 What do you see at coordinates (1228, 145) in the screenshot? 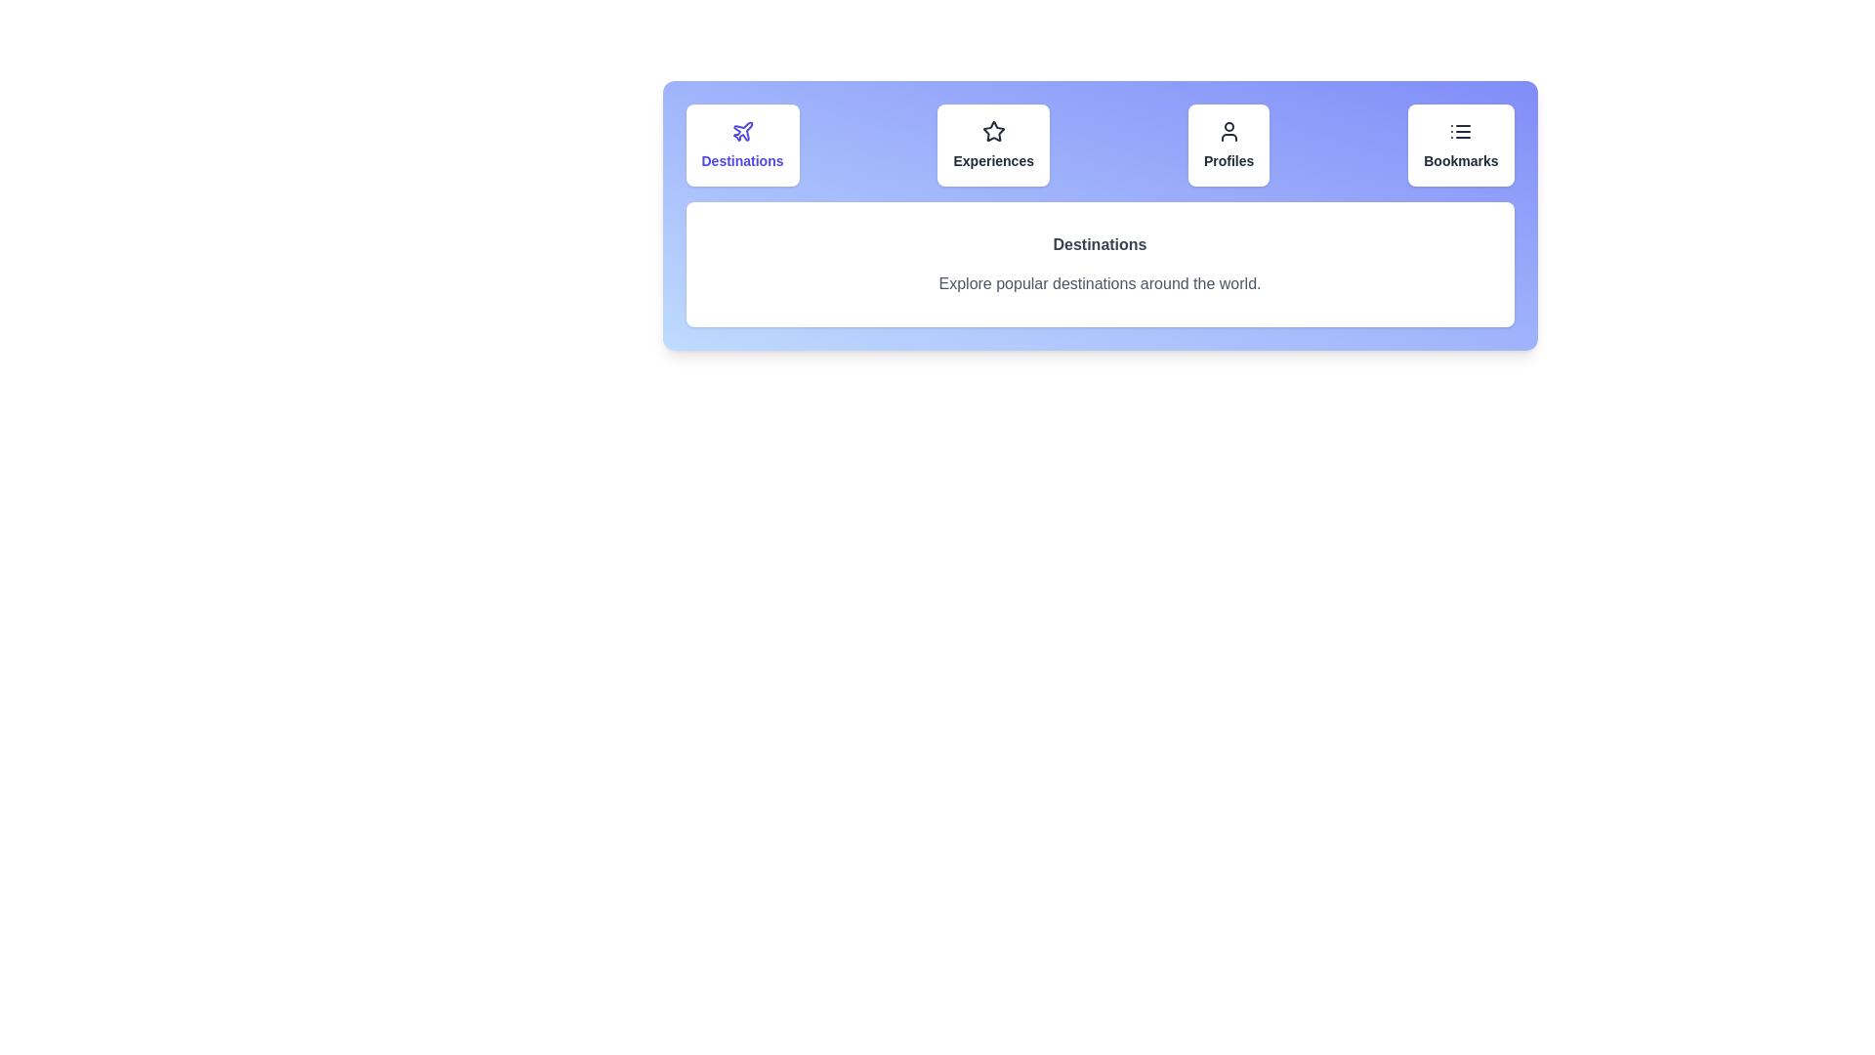
I see `the Profiles tab to view its content` at bounding box center [1228, 145].